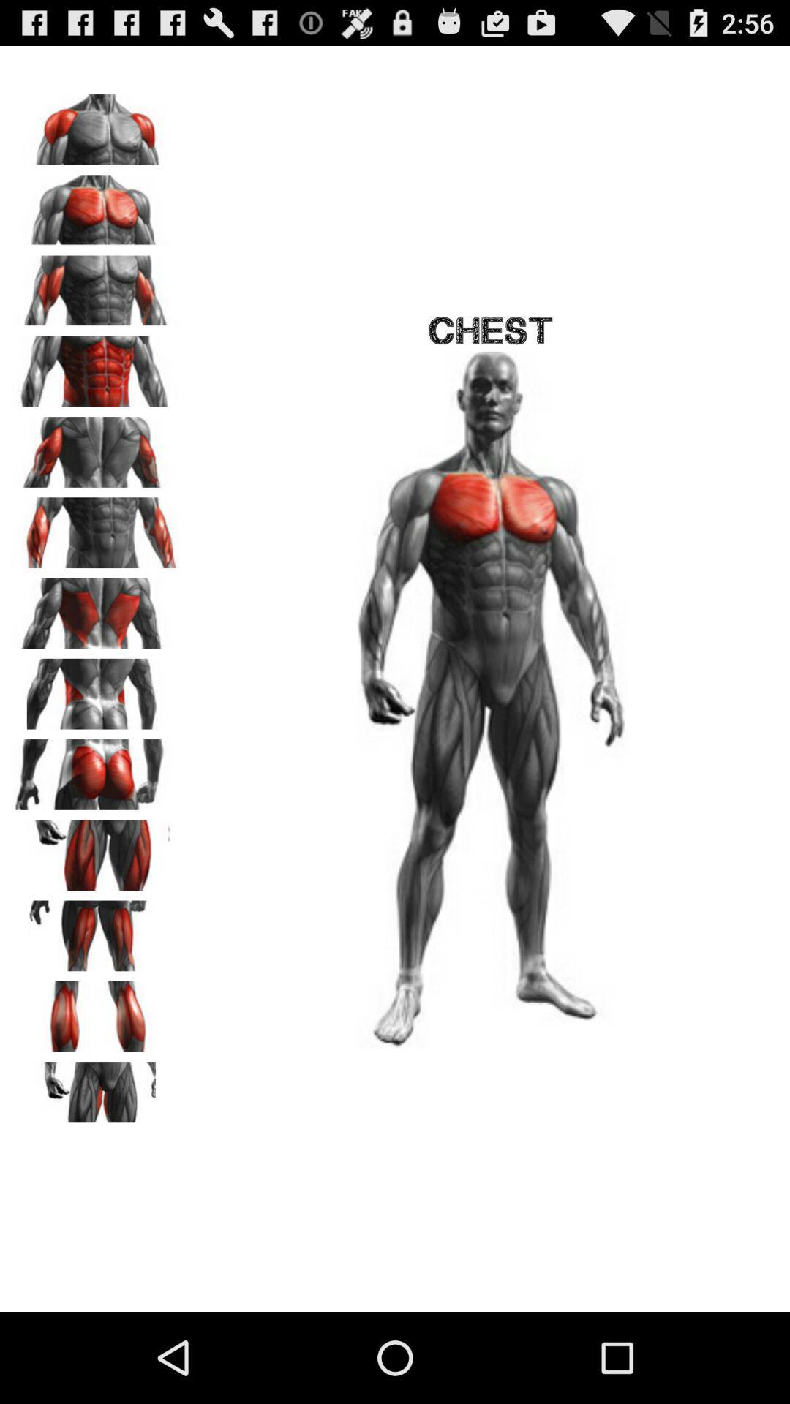  I want to click on the buttocks closer, so click(96, 769).